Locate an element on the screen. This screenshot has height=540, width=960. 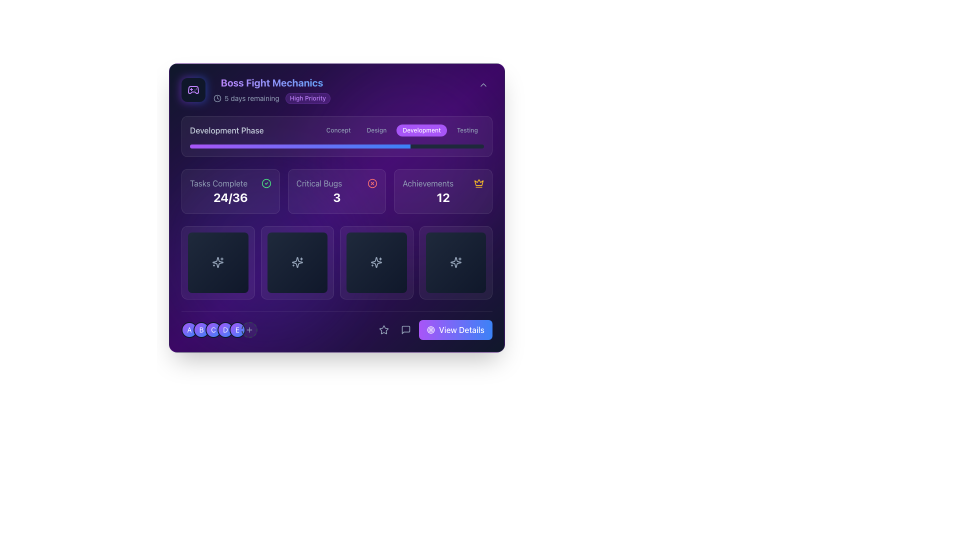
the informative label with icon that provides time-related information, located in the top-left portion of the 'Boss Fight Mechanics' card, immediately to the left of the 'High Priority' element is located at coordinates (246, 98).